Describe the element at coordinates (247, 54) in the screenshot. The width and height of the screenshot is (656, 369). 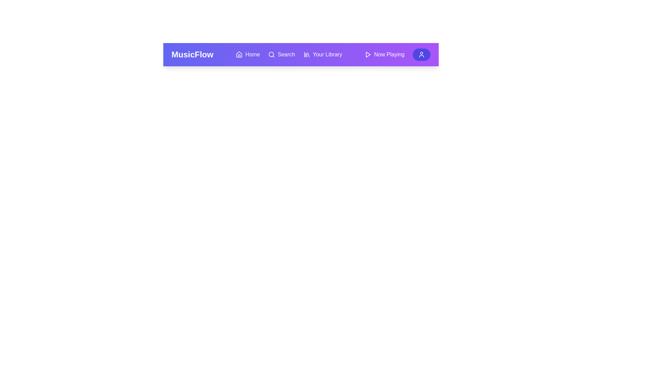
I see `the Home button to navigate to the corresponding section` at that location.